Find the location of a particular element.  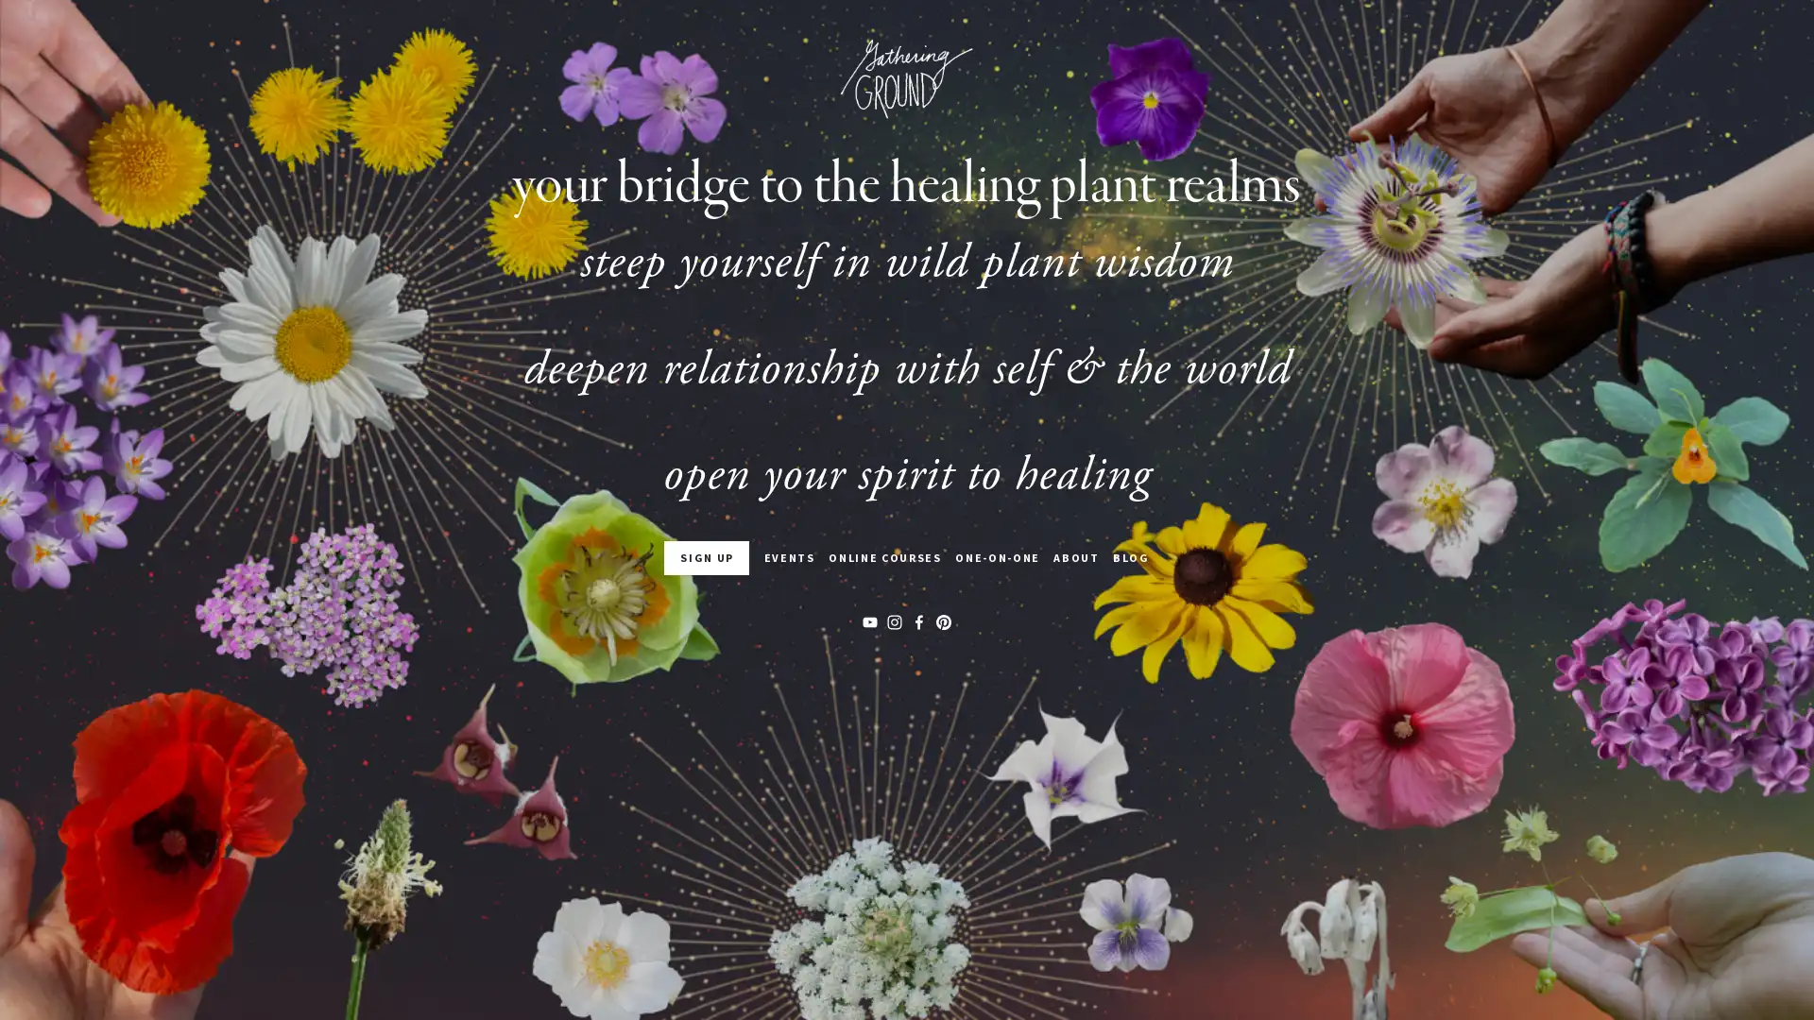

Close is located at coordinates (1186, 102).